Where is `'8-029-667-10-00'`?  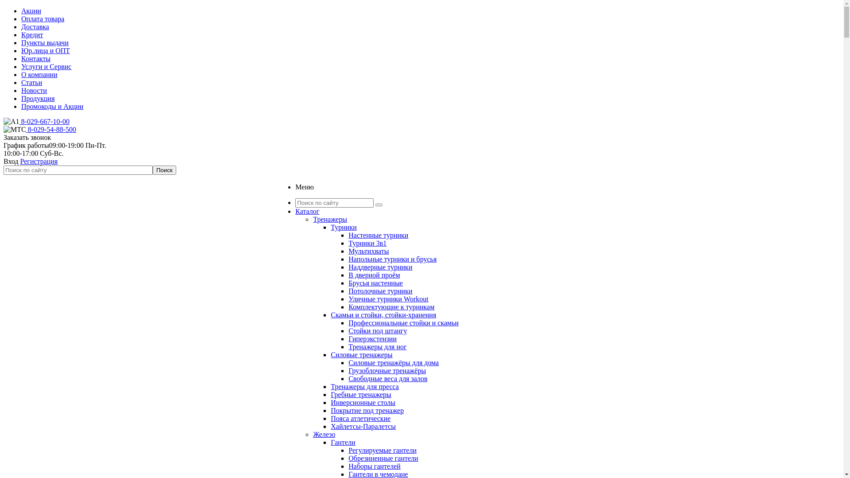 '8-029-667-10-00' is located at coordinates (19, 121).